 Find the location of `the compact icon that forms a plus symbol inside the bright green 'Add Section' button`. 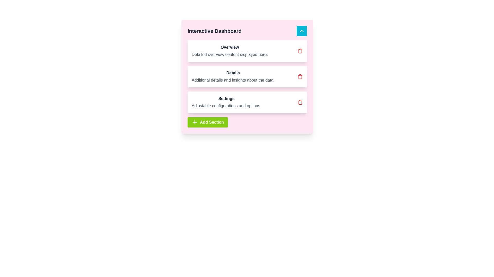

the compact icon that forms a plus symbol inside the bright green 'Add Section' button is located at coordinates (195, 122).